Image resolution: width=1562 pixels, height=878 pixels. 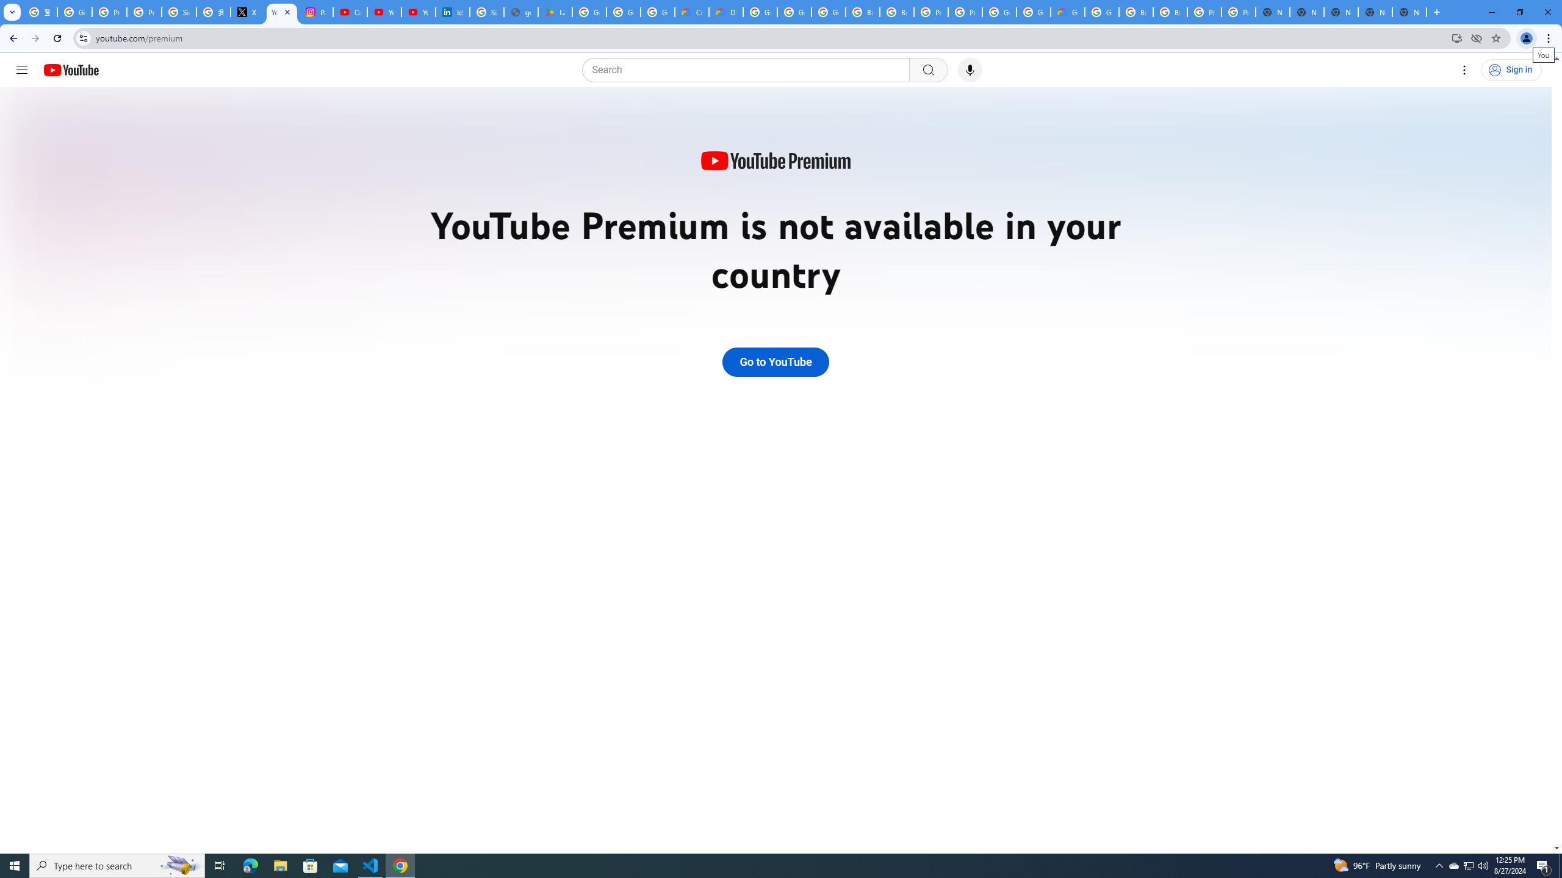 I want to click on 'YouTube Culture & Trends - YouTube Top 10, 2021', so click(x=418, y=12).